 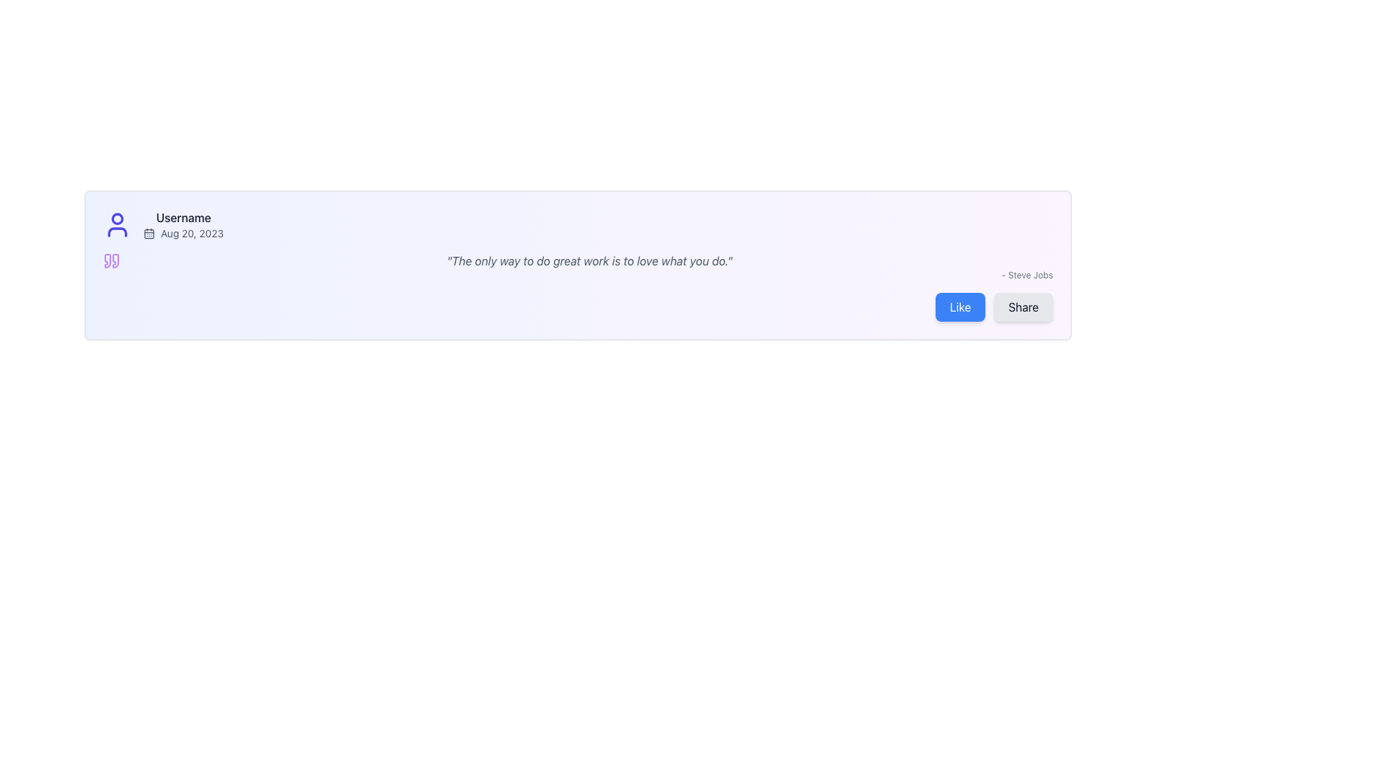 What do you see at coordinates (183, 225) in the screenshot?
I see `text content of the Text Block displaying the username 'Username' in bold and the date 'Aug 20, 2023' in smaller font, located within a card layout towards the top-left` at bounding box center [183, 225].